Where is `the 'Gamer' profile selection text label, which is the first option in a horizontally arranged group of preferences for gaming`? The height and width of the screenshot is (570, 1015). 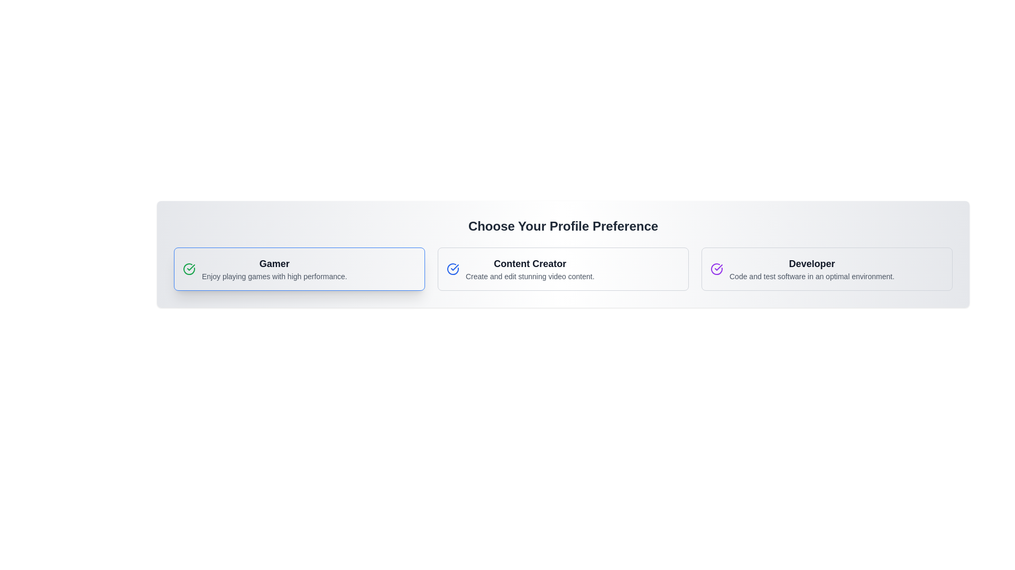
the 'Gamer' profile selection text label, which is the first option in a horizontally arranged group of preferences for gaming is located at coordinates (274, 268).